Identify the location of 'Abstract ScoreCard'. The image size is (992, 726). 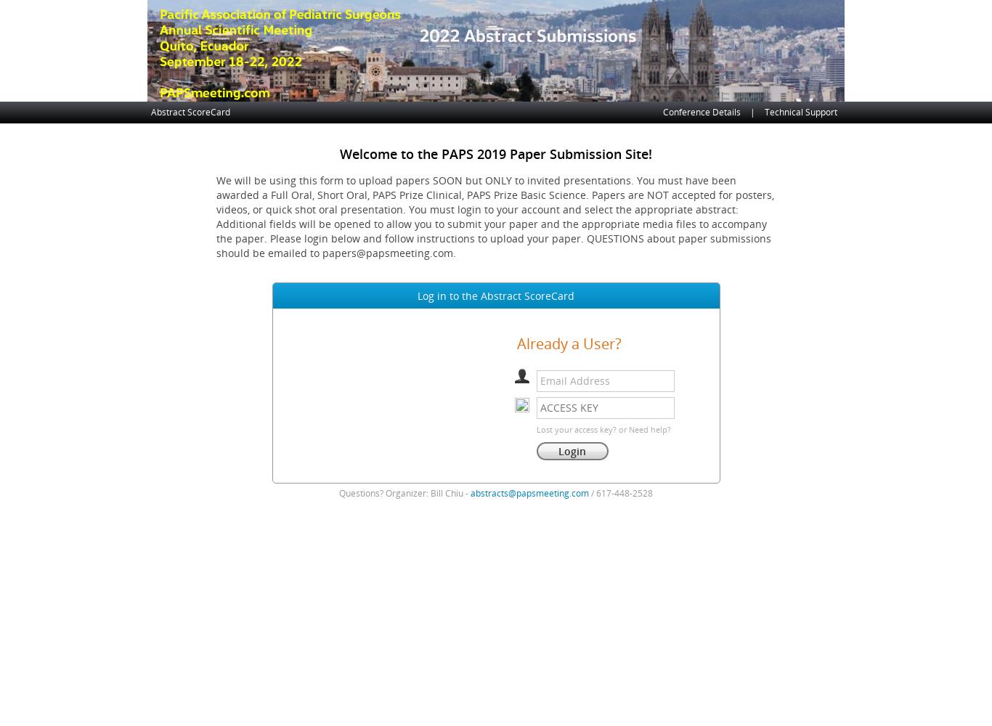
(190, 112).